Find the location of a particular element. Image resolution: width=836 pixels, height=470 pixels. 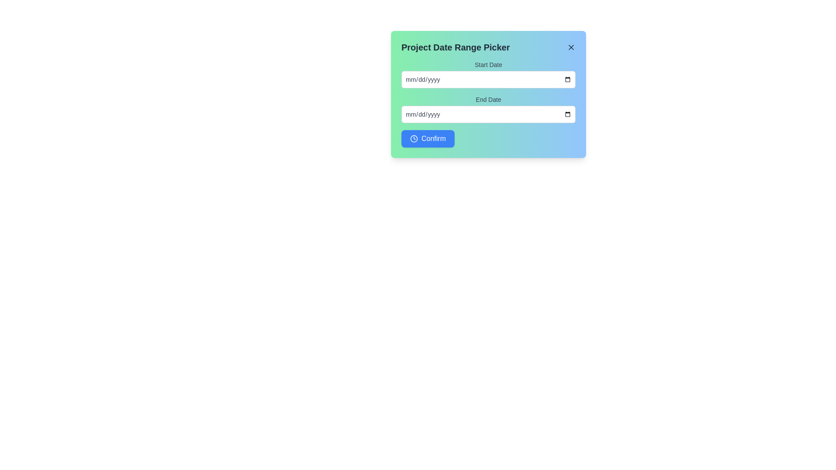

the small circular clock icon located to the left of the 'Confirm' text within the blue button at the bottom center of the modal interface is located at coordinates (413, 138).